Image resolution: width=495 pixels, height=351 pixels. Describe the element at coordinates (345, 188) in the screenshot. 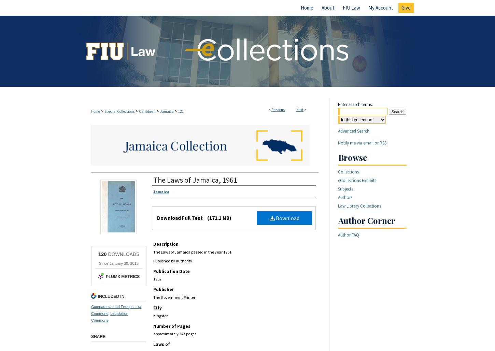

I see `'Subjects'` at that location.